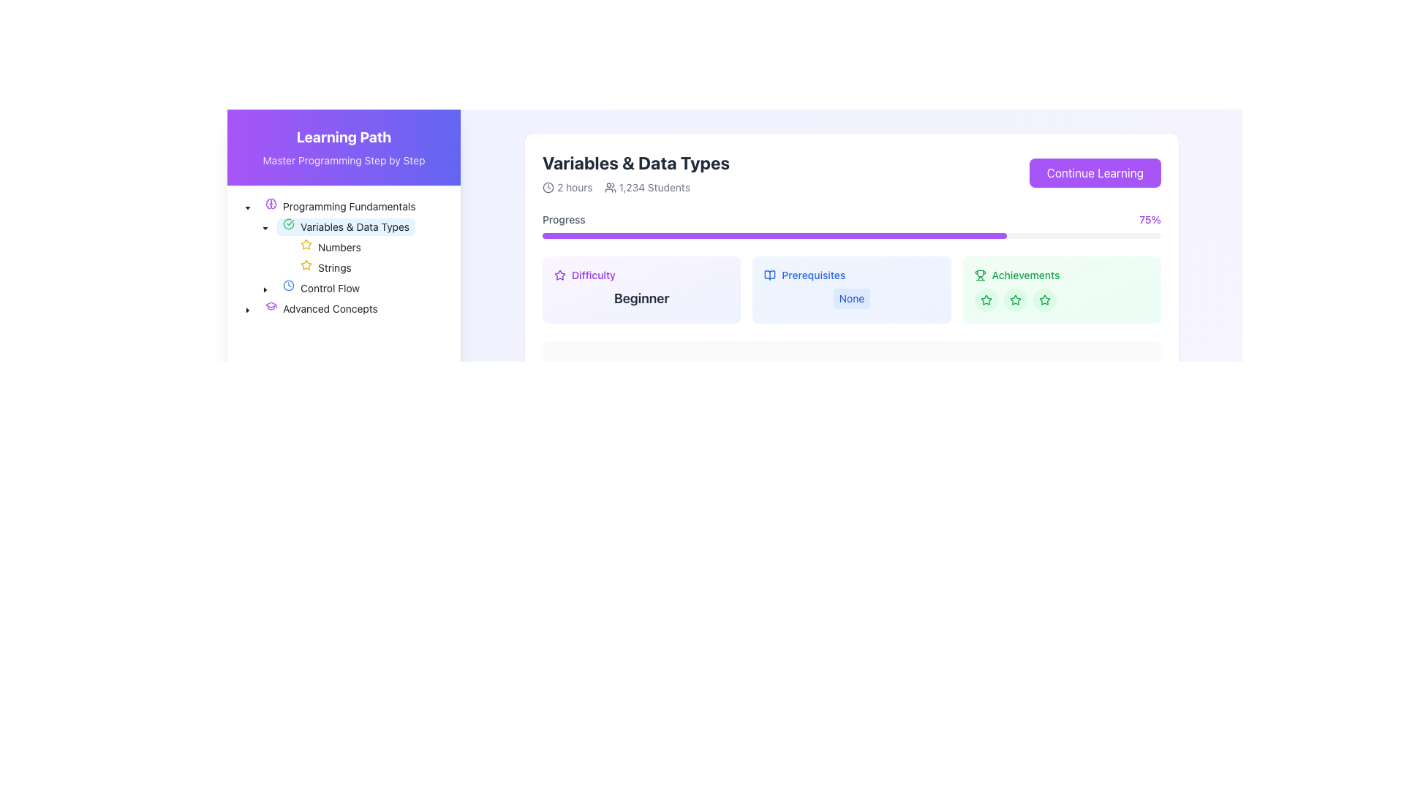  What do you see at coordinates (265, 290) in the screenshot?
I see `the downward-pointing caret icon located in the navigation panel` at bounding box center [265, 290].